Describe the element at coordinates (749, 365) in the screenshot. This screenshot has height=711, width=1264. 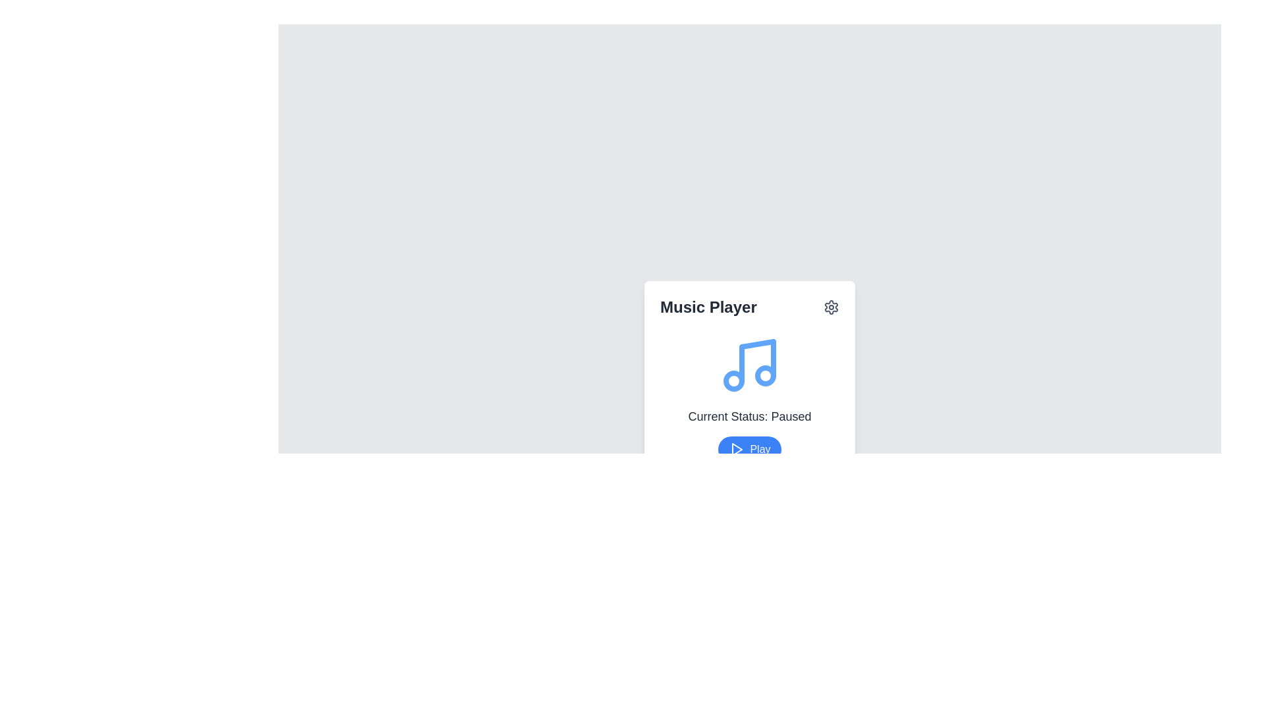
I see `the blue music note icon located at the top-center of the music player widget, which is positioned above the 'Current Status: Paused' text and the 'Play' button` at that location.